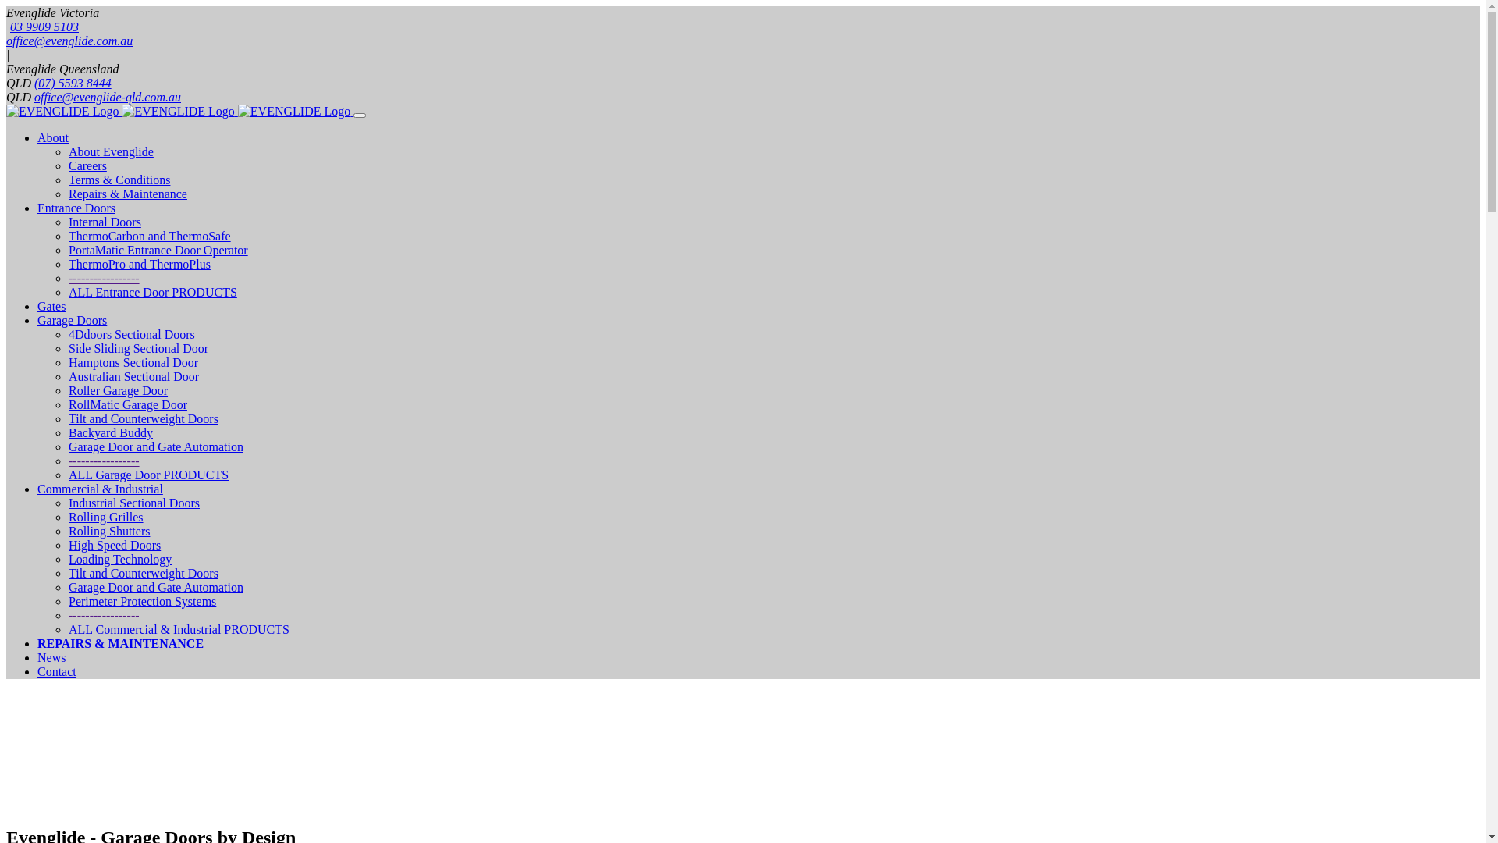 This screenshot has width=1498, height=843. Describe the element at coordinates (138, 347) in the screenshot. I see `'Side Sliding Sectional Door'` at that location.